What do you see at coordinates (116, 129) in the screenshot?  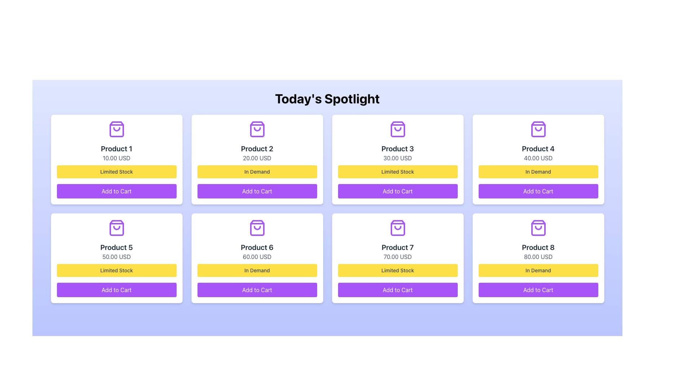 I see `the curved handle-like shape of the purple shopping bag icon located at the center-top of the 'Product 1' card` at bounding box center [116, 129].